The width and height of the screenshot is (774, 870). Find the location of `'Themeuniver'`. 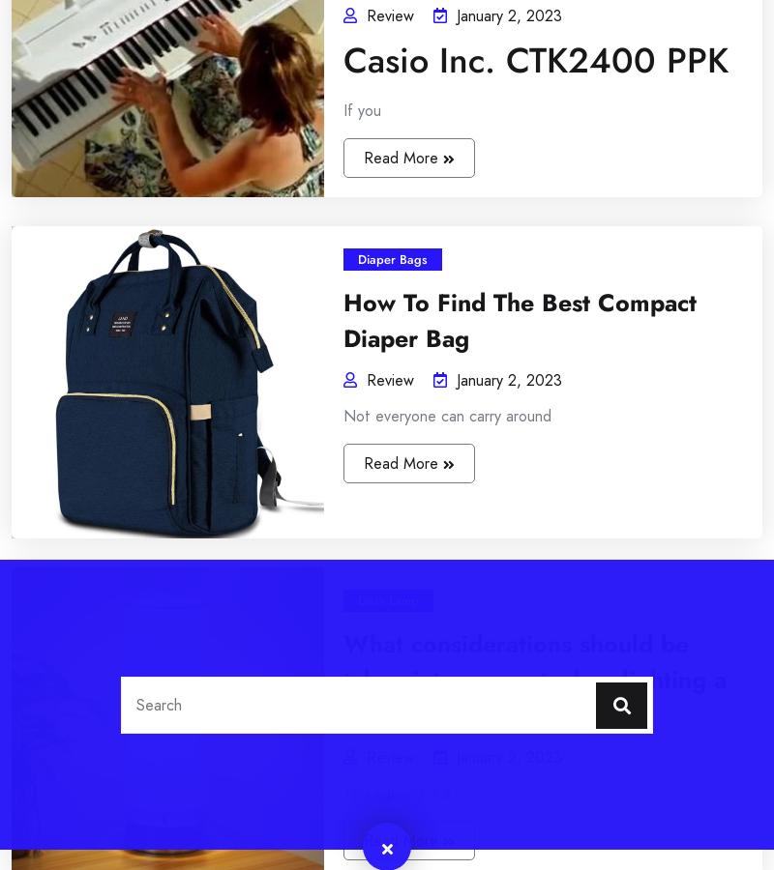

'Themeuniver' is located at coordinates (568, 771).